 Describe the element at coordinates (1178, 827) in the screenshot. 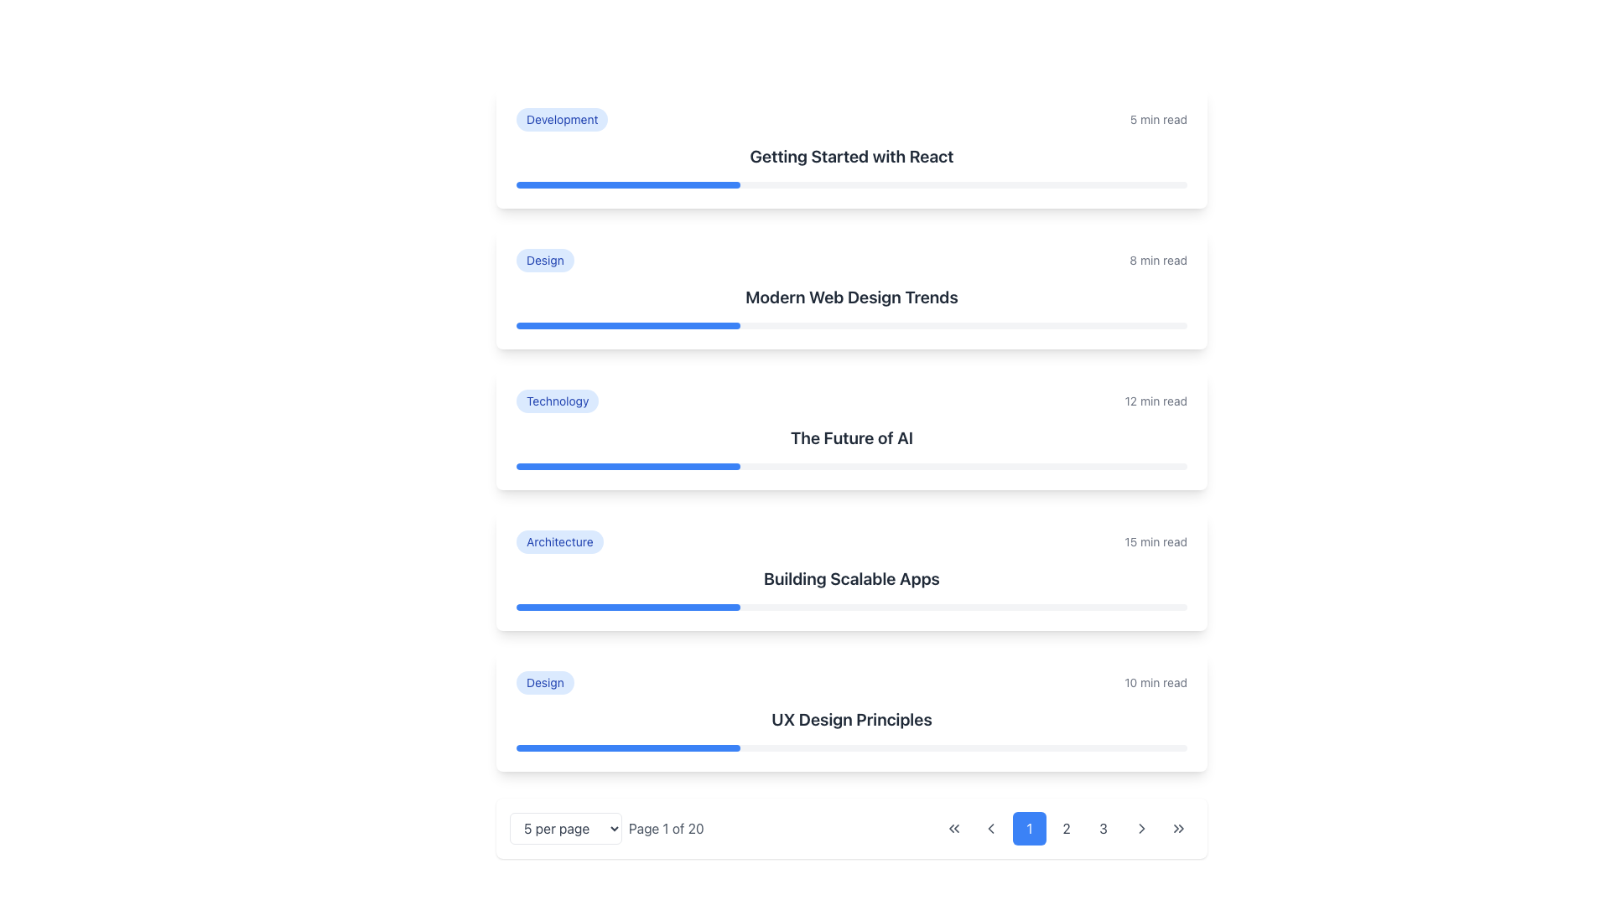

I see `the navigation button located at the bottom-right corner of the interface to move forward through paginated content` at that location.